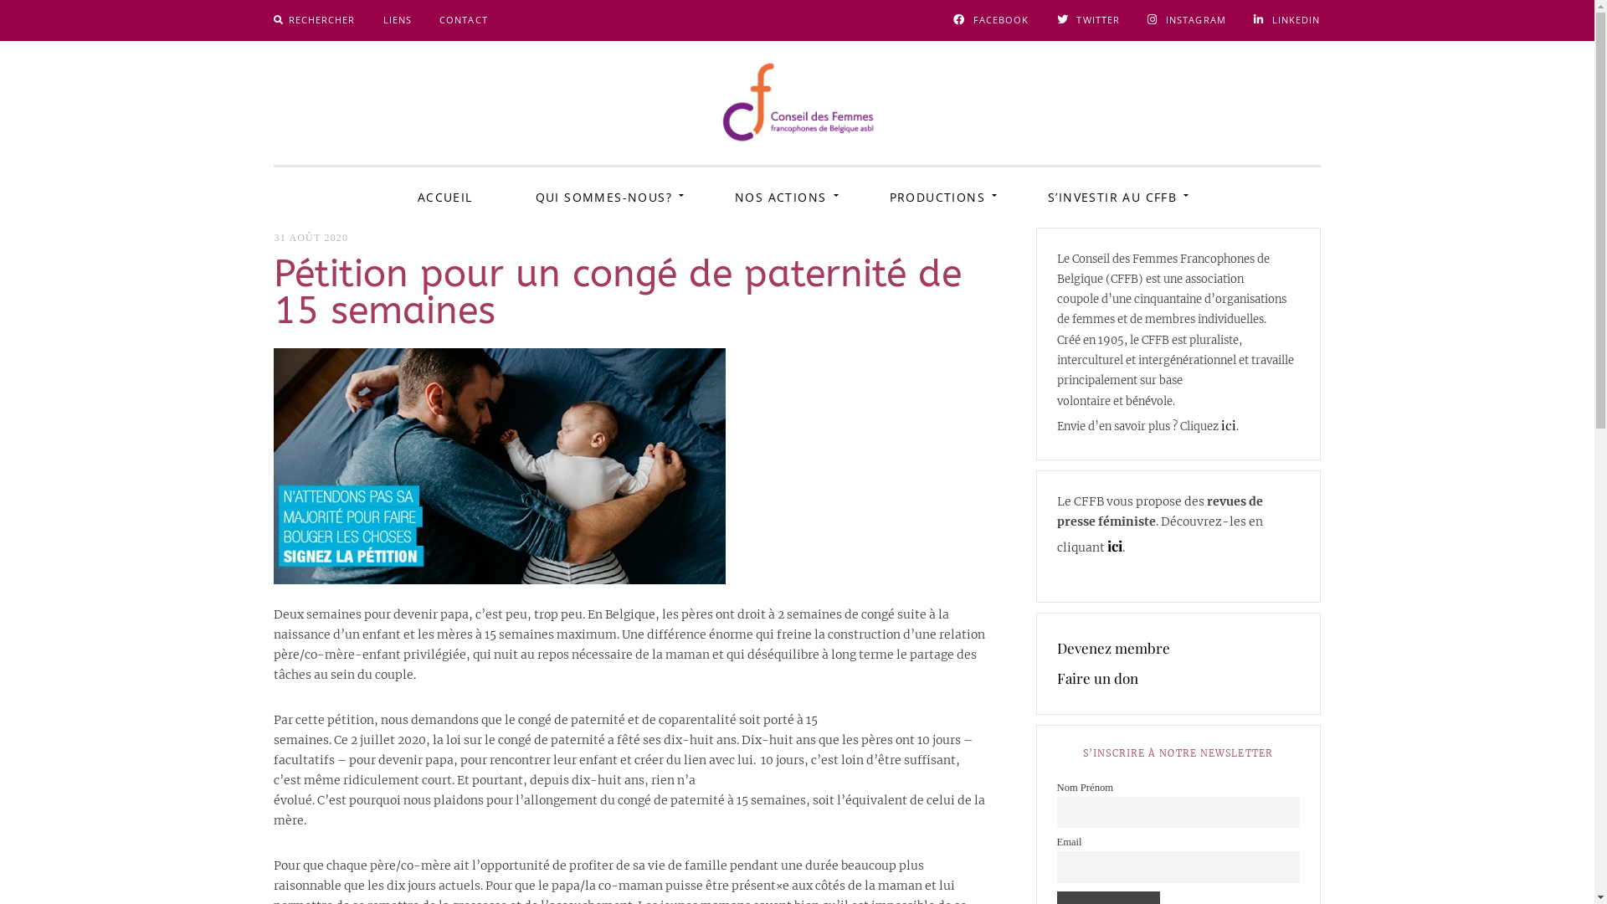 The width and height of the screenshot is (1607, 904). I want to click on 'Faire un don', so click(1097, 678).